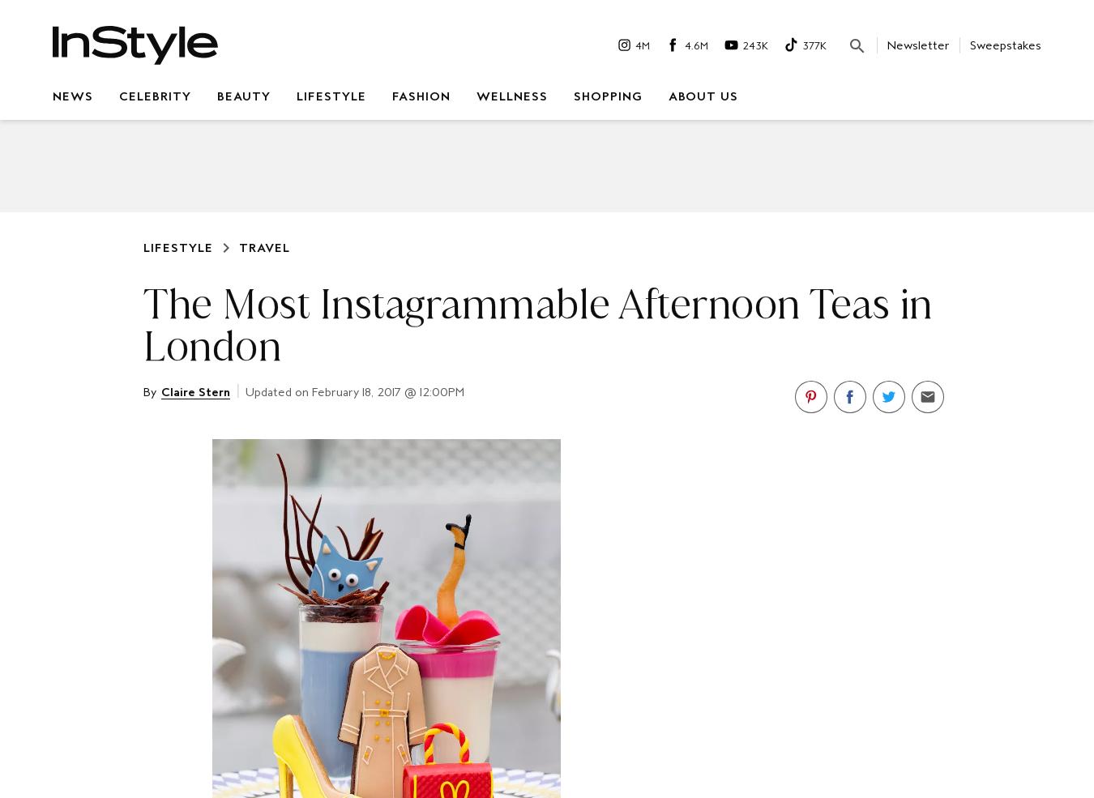  I want to click on 'Shopping', so click(607, 96).